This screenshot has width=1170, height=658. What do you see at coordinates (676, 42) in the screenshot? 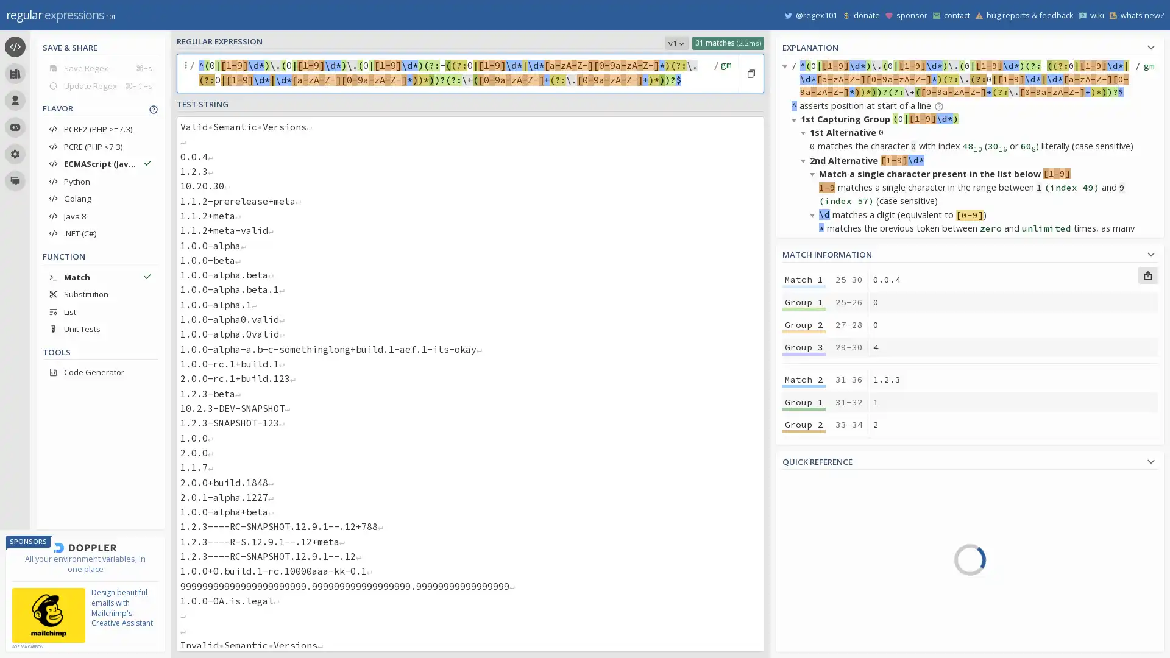
I see `Select Regex Version` at bounding box center [676, 42].